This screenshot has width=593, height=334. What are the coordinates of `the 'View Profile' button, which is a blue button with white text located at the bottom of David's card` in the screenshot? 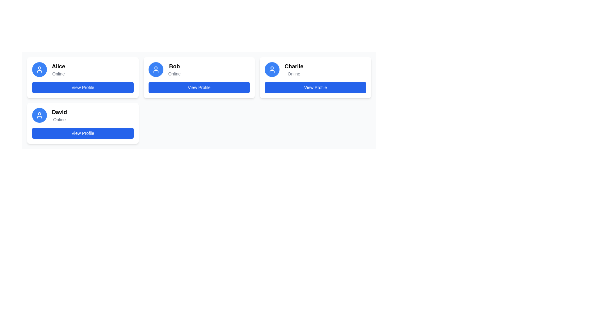 It's located at (82, 133).